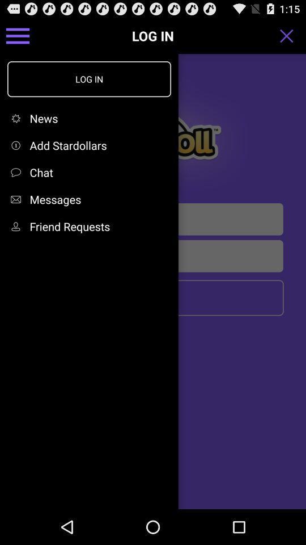 The image size is (306, 545). What do you see at coordinates (88, 78) in the screenshot?
I see `the login in which is above the news` at bounding box center [88, 78].